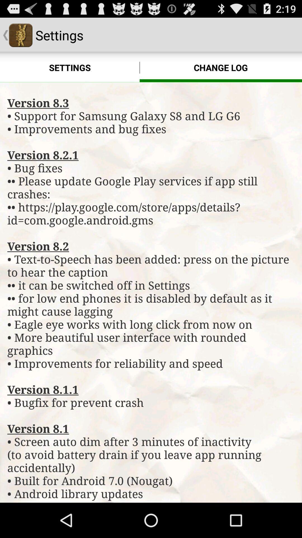  Describe the element at coordinates (220, 67) in the screenshot. I see `the app next to settings item` at that location.